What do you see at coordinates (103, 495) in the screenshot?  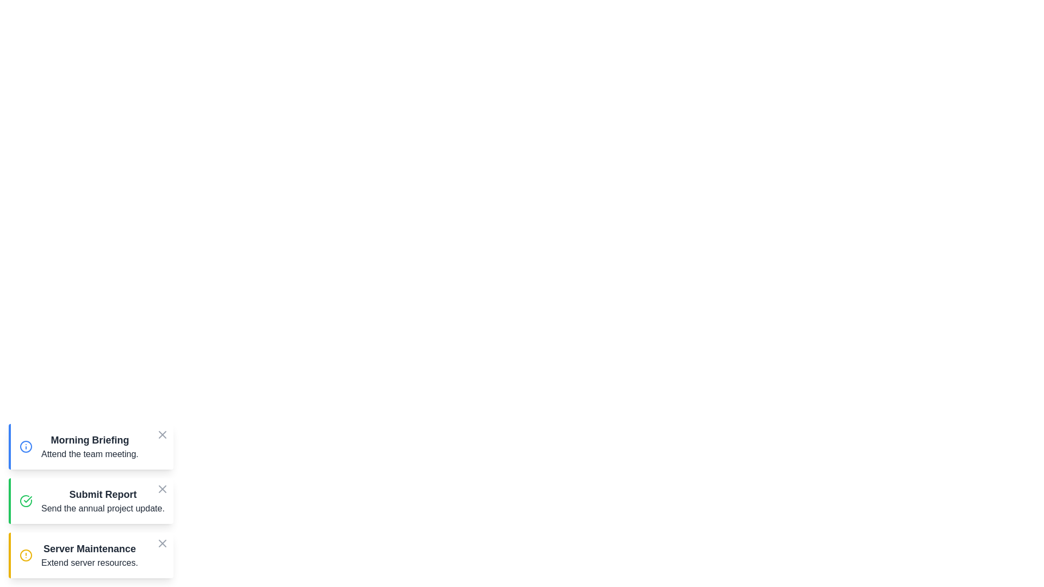 I see `the 'Submit Report' text label, which is styled in bold and large font and is the title of the second item in a vertical list` at bounding box center [103, 495].